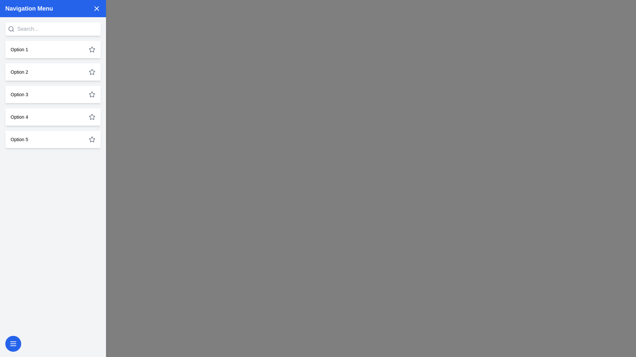  Describe the element at coordinates (28, 9) in the screenshot. I see `the static text label that serves as a title or header for the sidebar menu, located at the top left corner of the sidebar` at that location.